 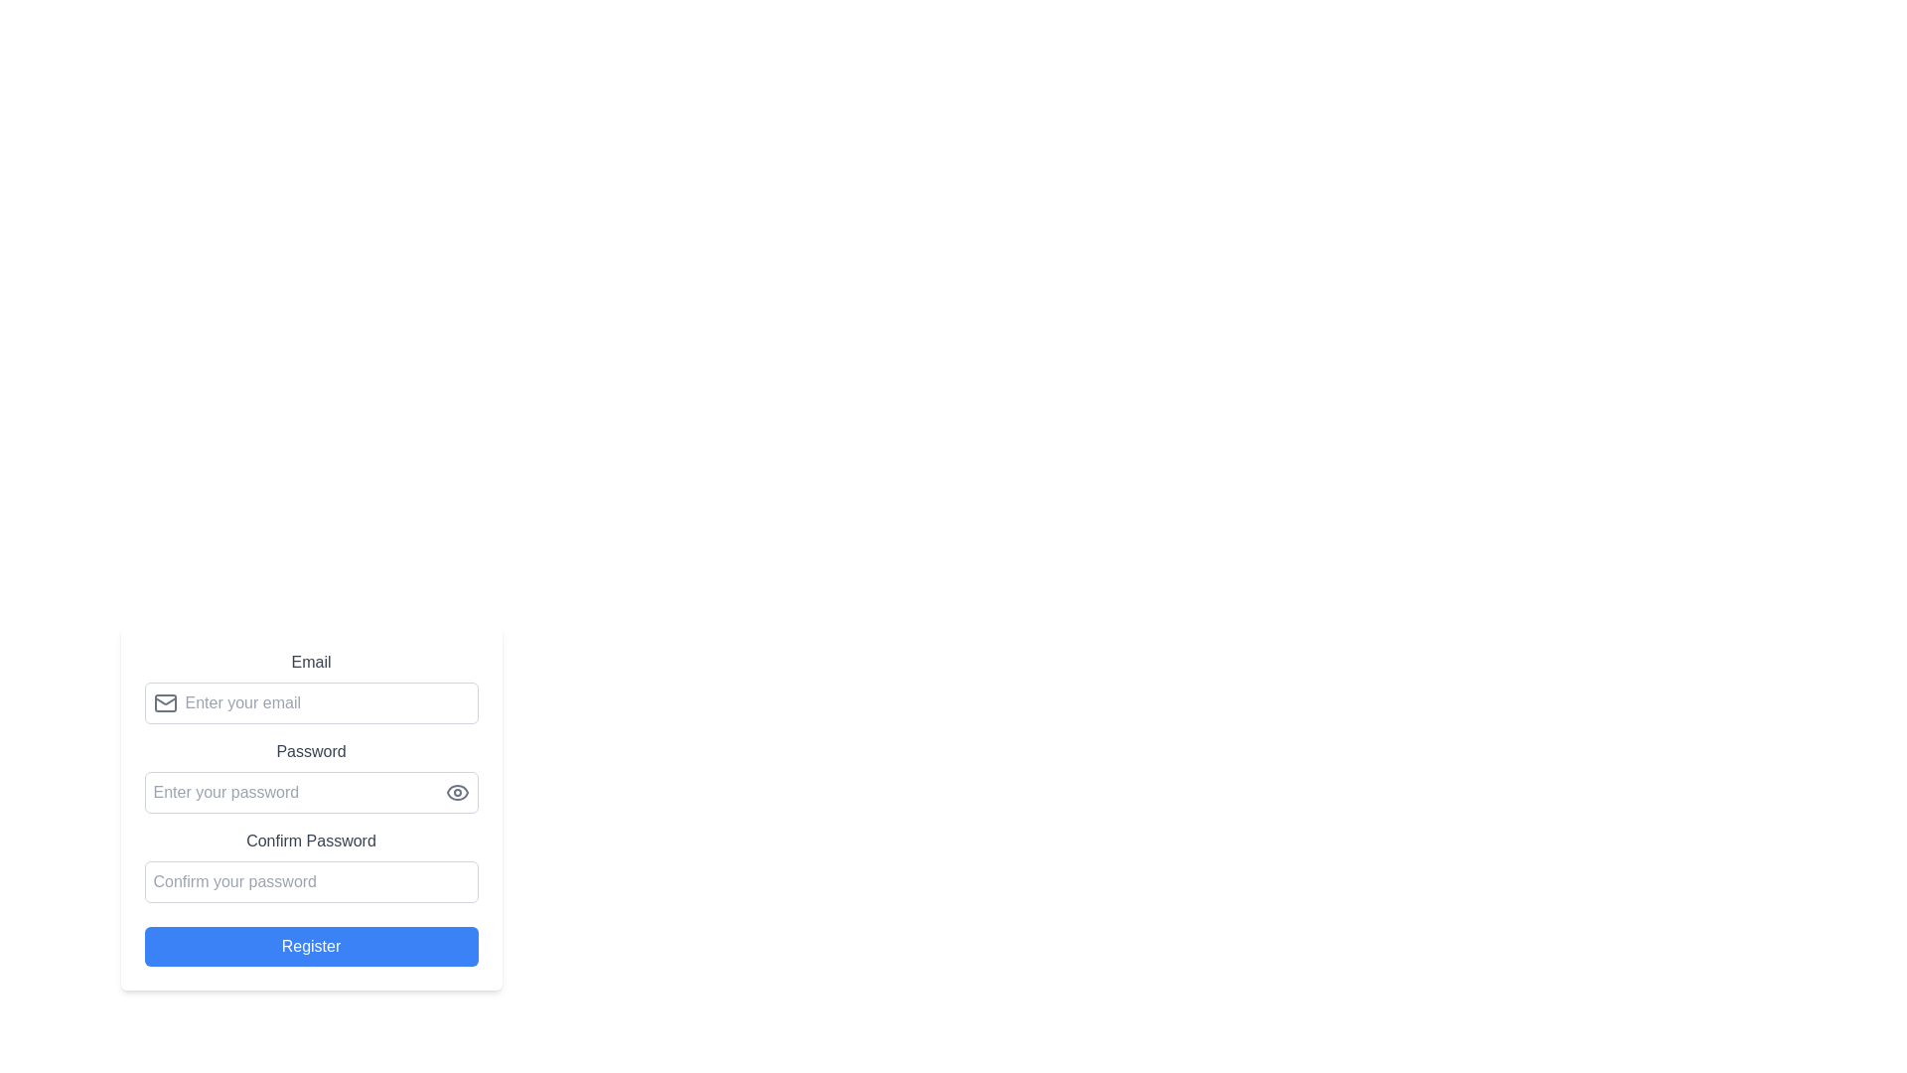 What do you see at coordinates (456, 792) in the screenshot?
I see `the visibility toggle button located to the right of the password input field` at bounding box center [456, 792].